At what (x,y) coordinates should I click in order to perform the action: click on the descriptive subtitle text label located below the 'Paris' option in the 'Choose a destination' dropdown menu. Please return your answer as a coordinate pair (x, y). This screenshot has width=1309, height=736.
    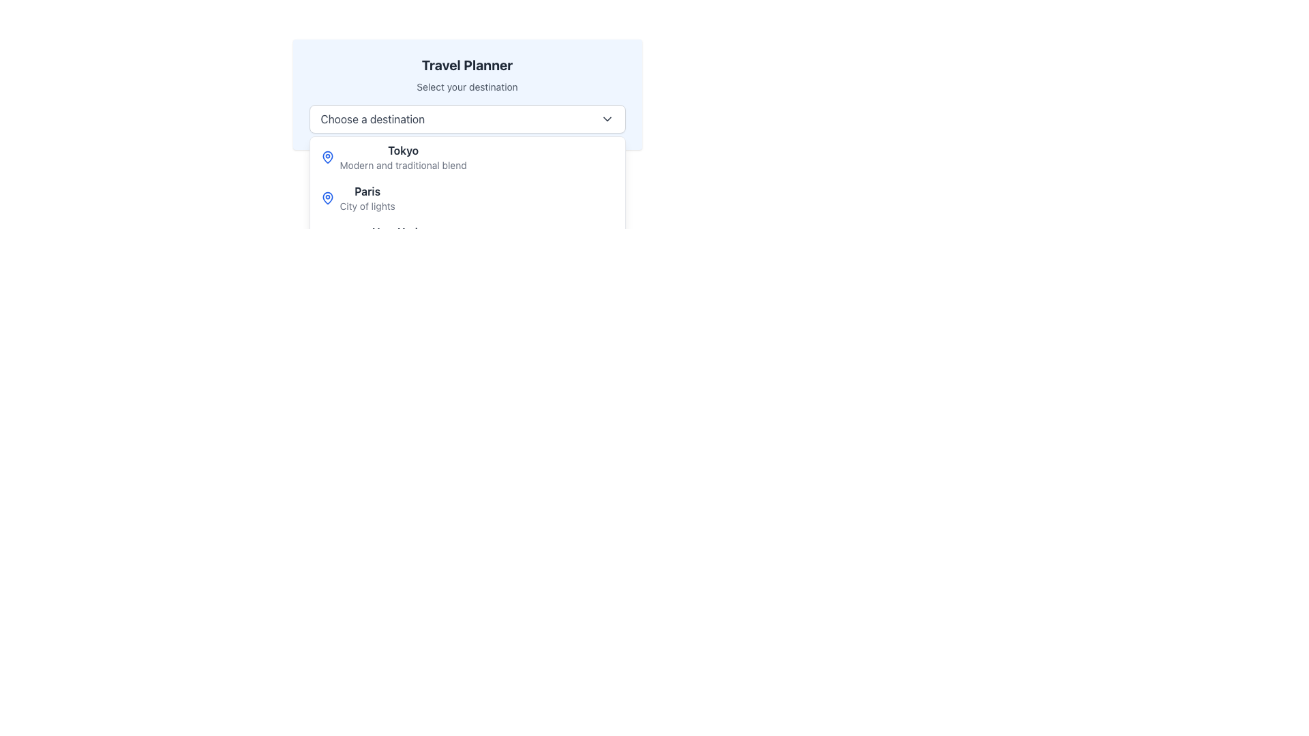
    Looking at the image, I should click on (367, 206).